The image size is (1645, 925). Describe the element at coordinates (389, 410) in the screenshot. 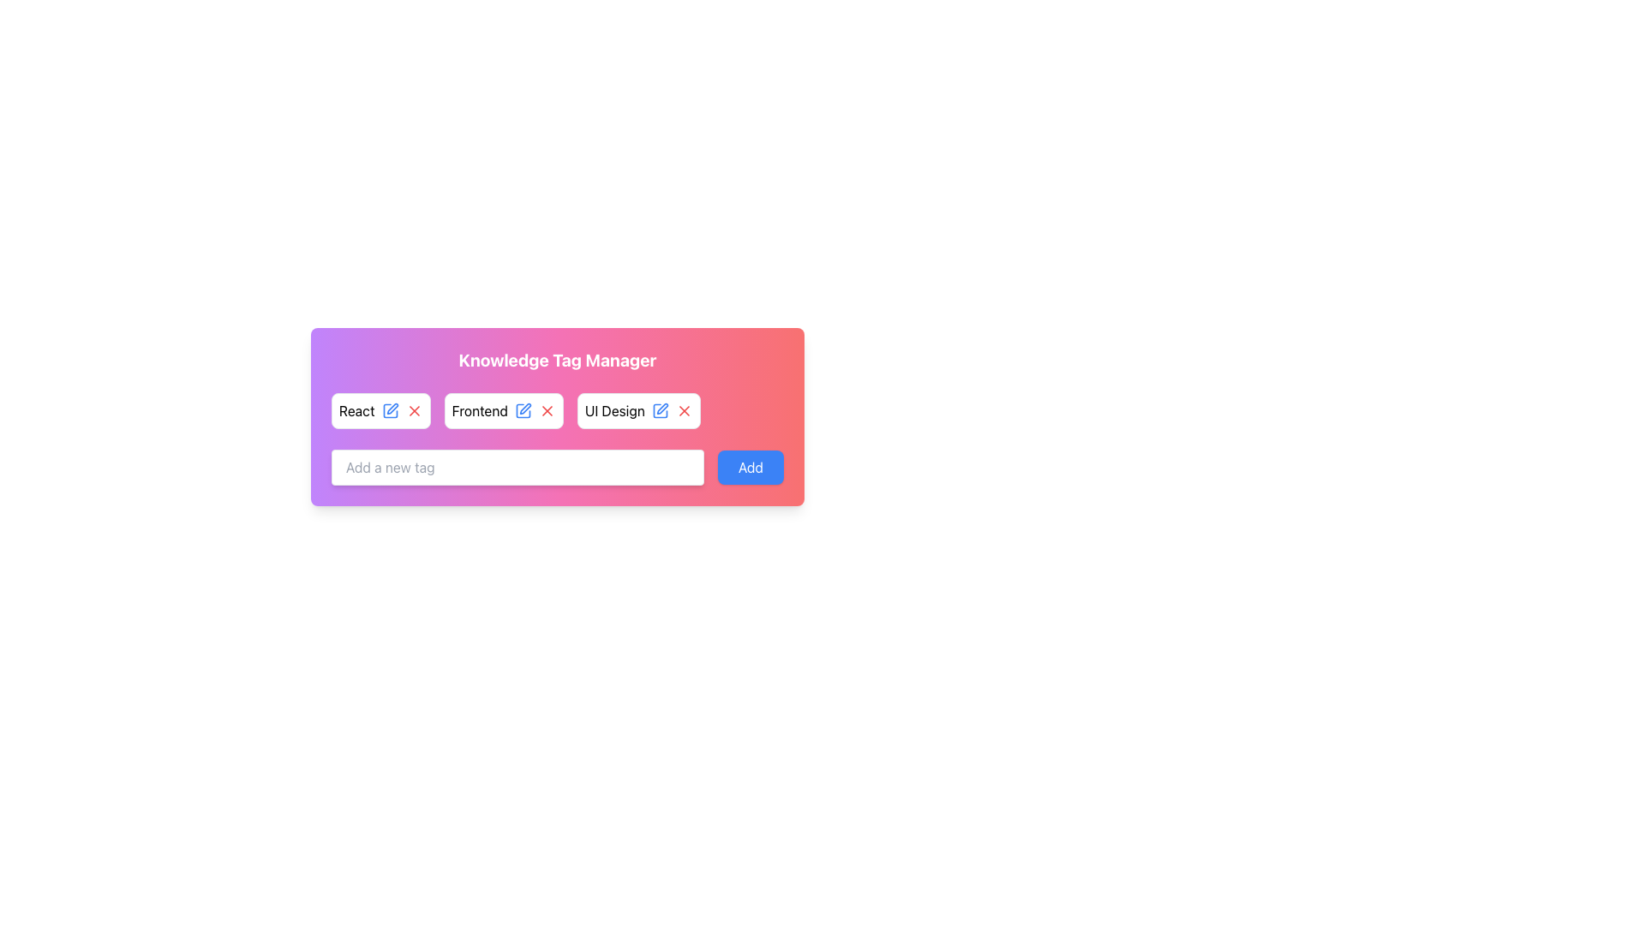

I see `the blue edit icon with a pen over a square outline located to the right of the 'React' label to initiate editing the tag` at that location.